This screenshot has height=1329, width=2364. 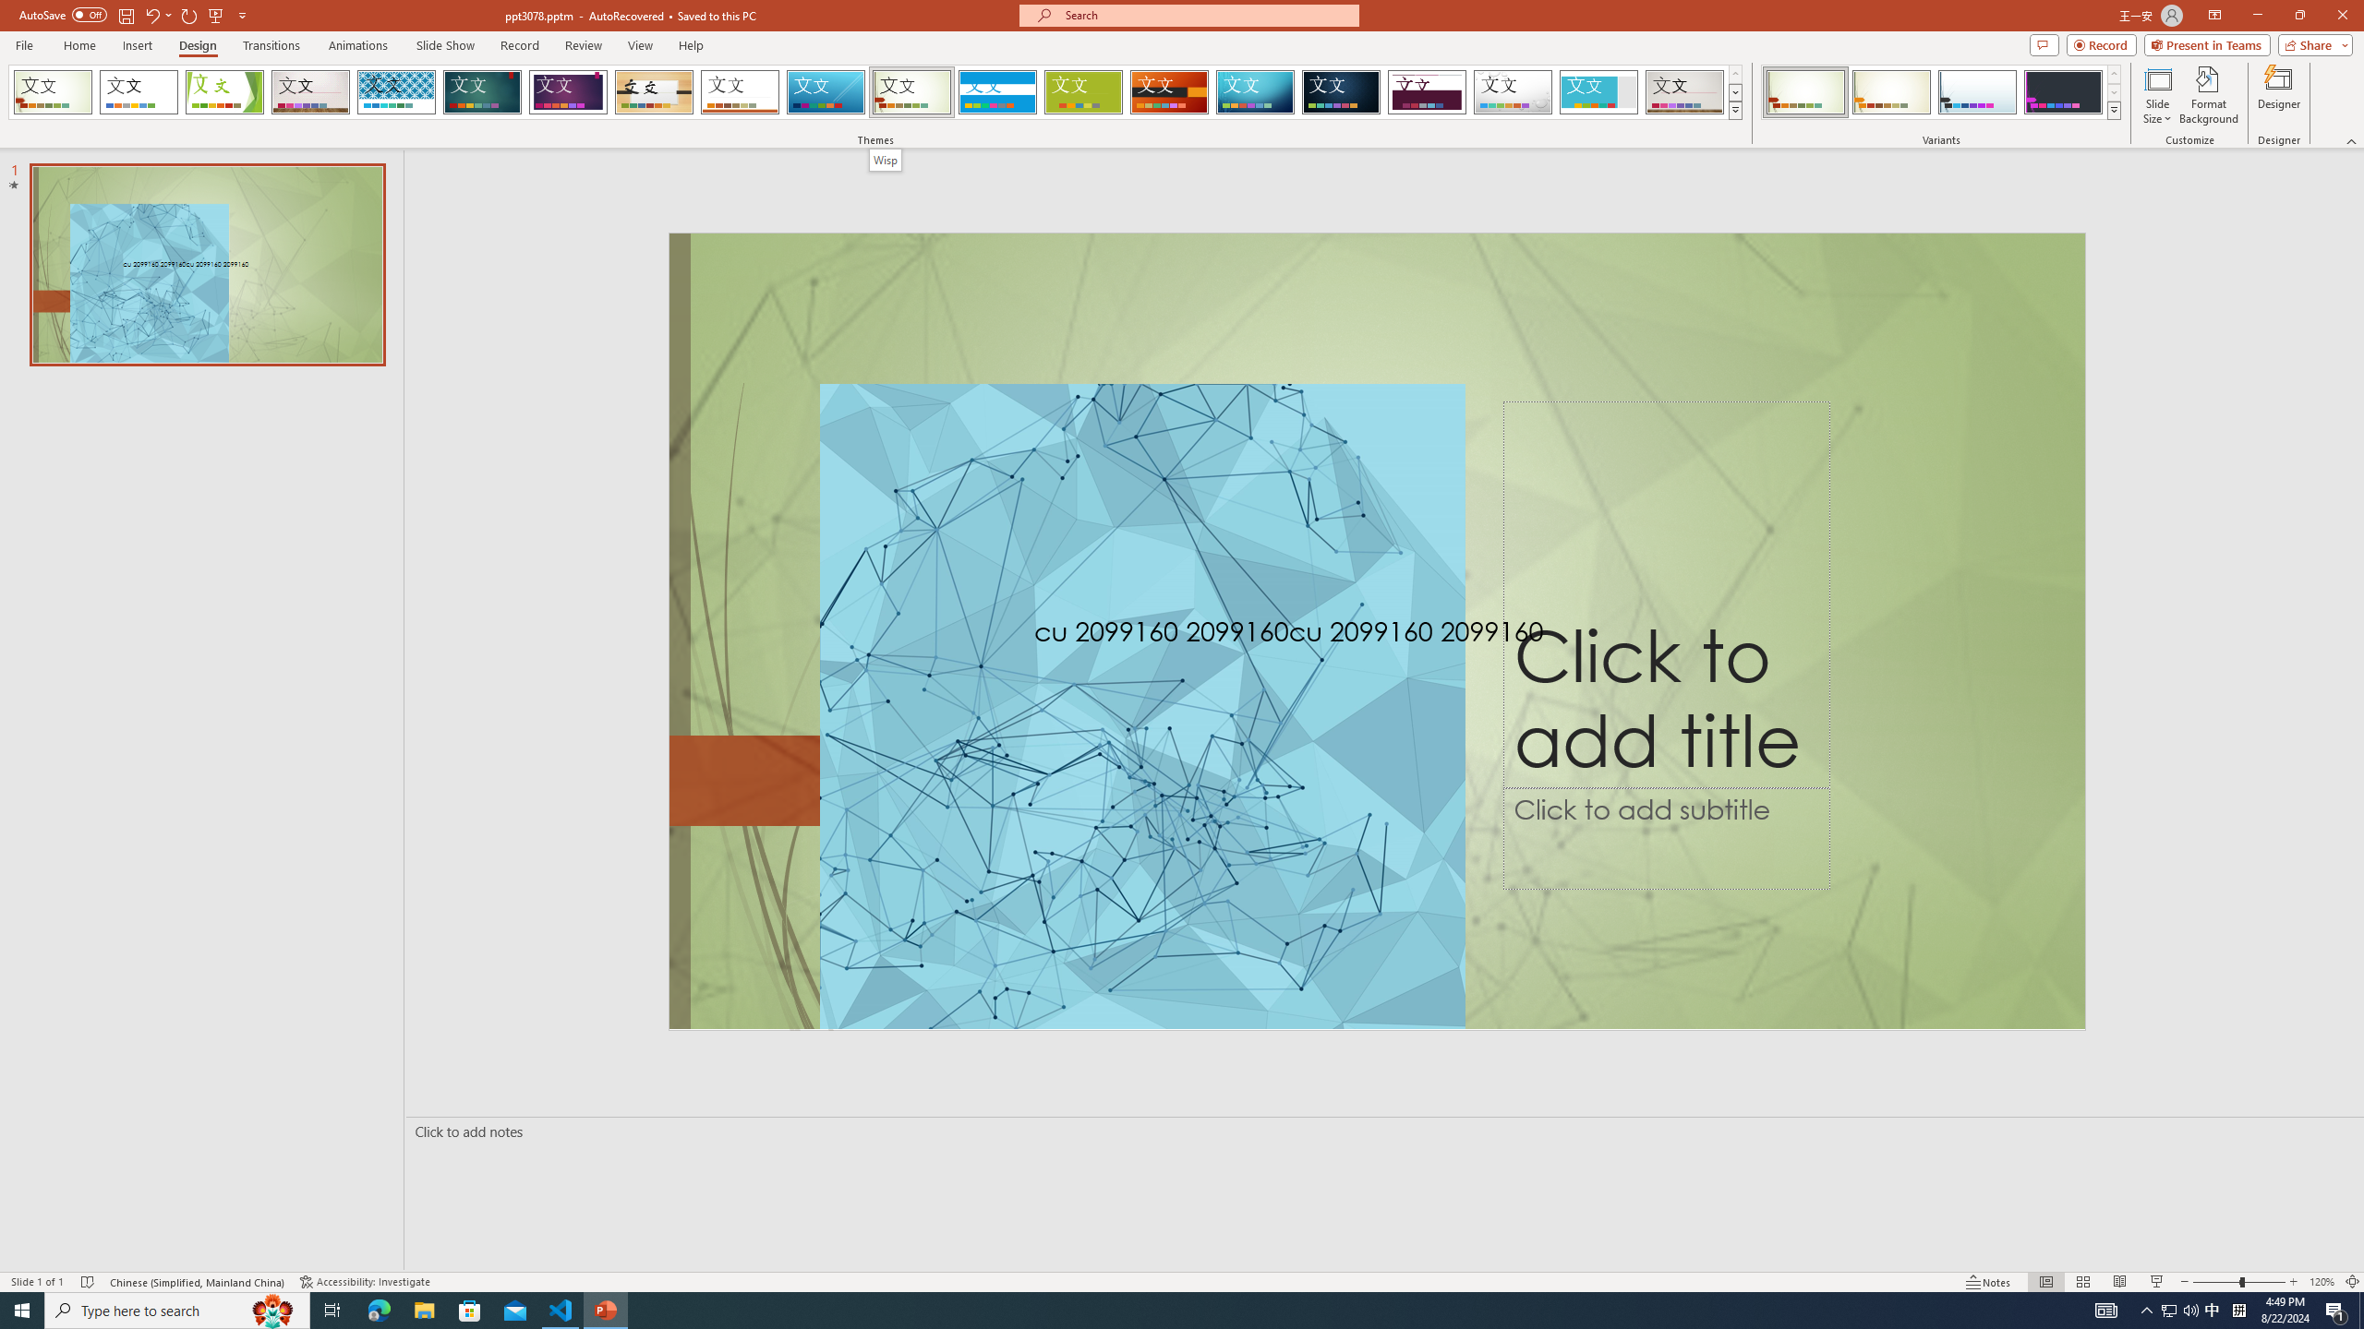 I want to click on 'Slide Sorter', so click(x=2081, y=1282).